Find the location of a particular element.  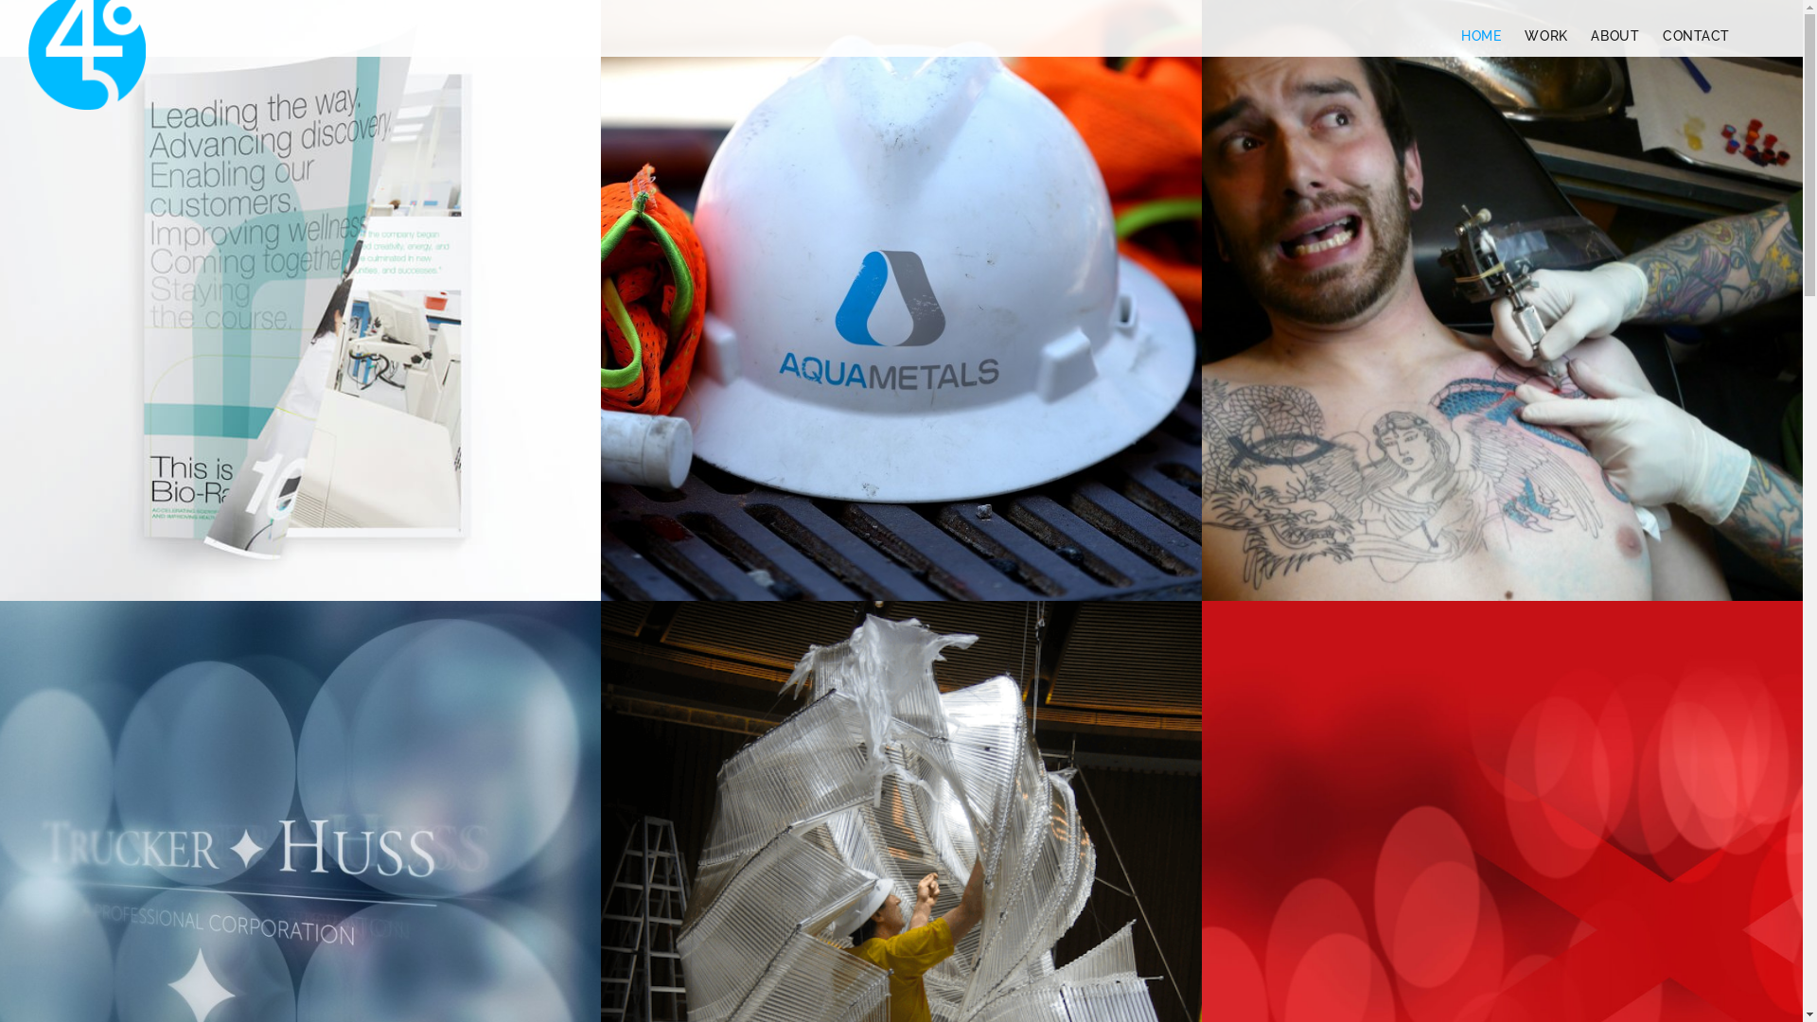

'HOME' is located at coordinates (1479, 36).